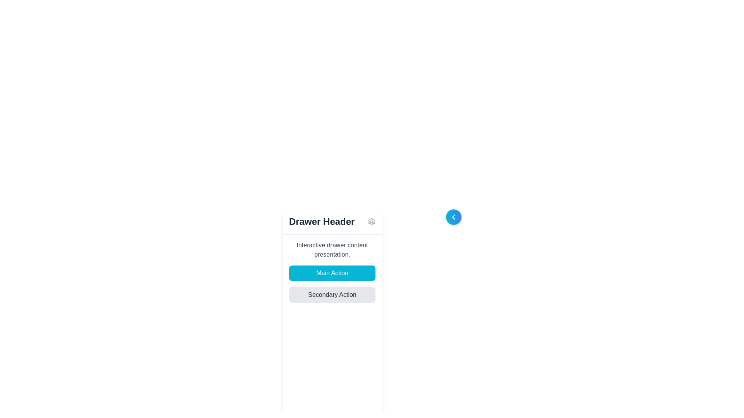 The width and height of the screenshot is (744, 418). I want to click on the circular button with a gradient from cyan to blue, featuring a left-chevron icon in white, located to the right of the 'Drawer Header' text, so click(453, 217).